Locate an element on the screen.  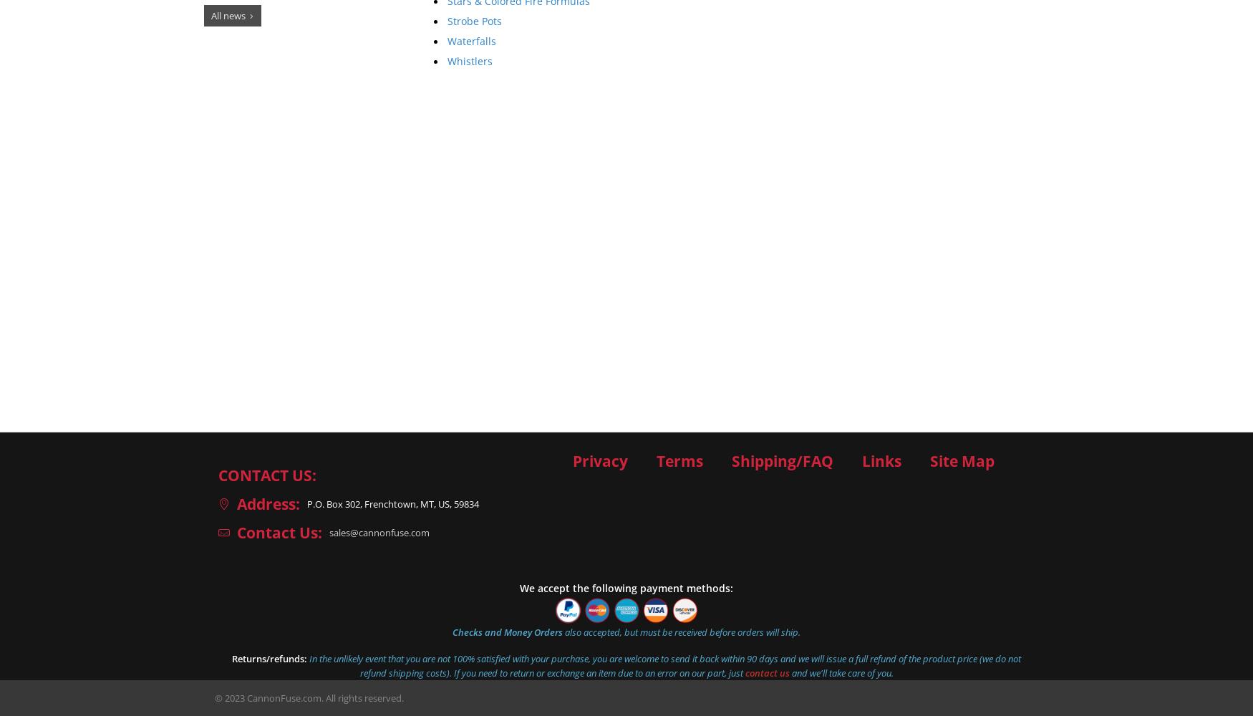
'Returns/refunds:' is located at coordinates (268, 659).